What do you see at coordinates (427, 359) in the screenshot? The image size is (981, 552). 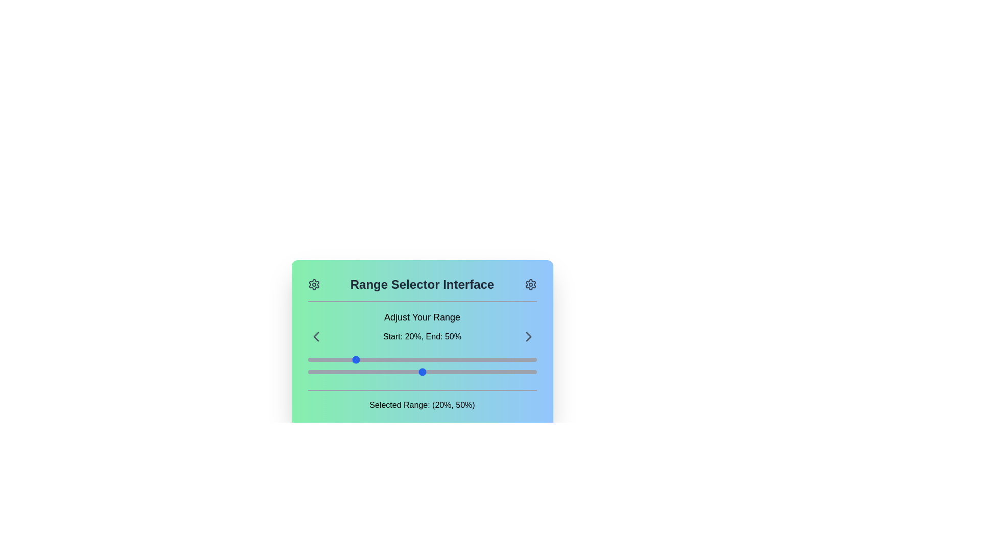 I see `the slider` at bounding box center [427, 359].